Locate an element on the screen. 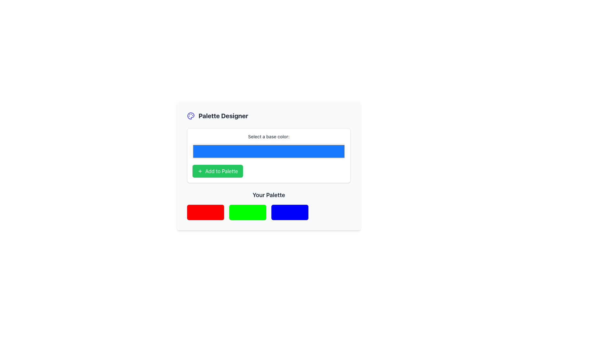 This screenshot has height=345, width=613. the third colored box is located at coordinates (289, 212).